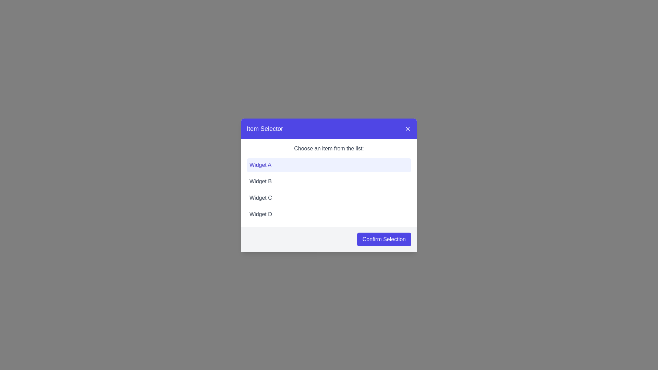 The height and width of the screenshot is (370, 658). Describe the element at coordinates (329, 181) in the screenshot. I see `the selectable list item representing 'Widget B'` at that location.